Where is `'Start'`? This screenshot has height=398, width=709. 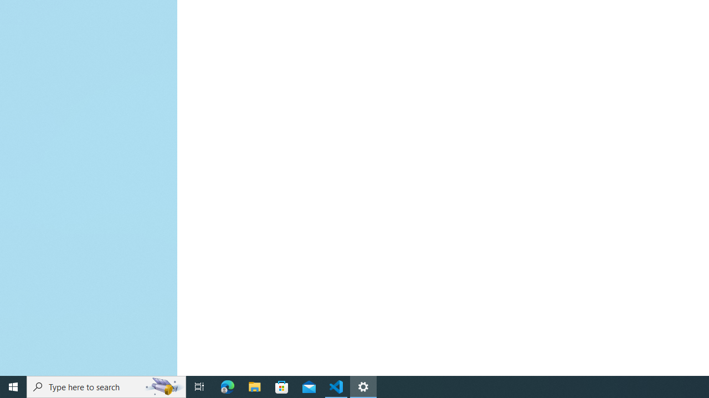
'Start' is located at coordinates (13, 386).